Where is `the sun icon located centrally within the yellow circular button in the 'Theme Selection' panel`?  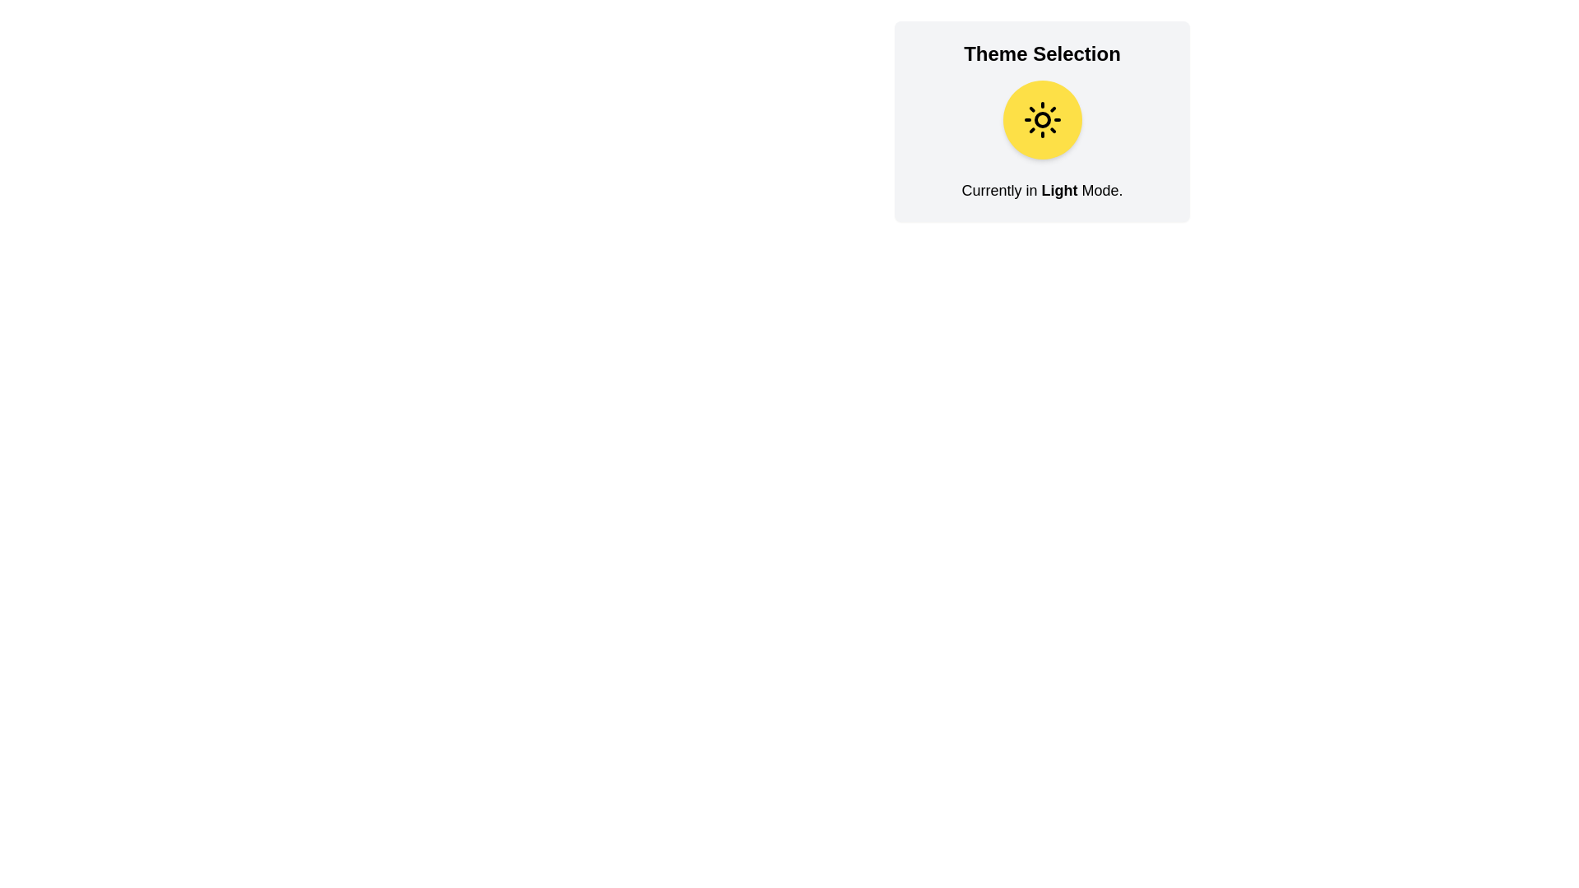 the sun icon located centrally within the yellow circular button in the 'Theme Selection' panel is located at coordinates (1041, 119).